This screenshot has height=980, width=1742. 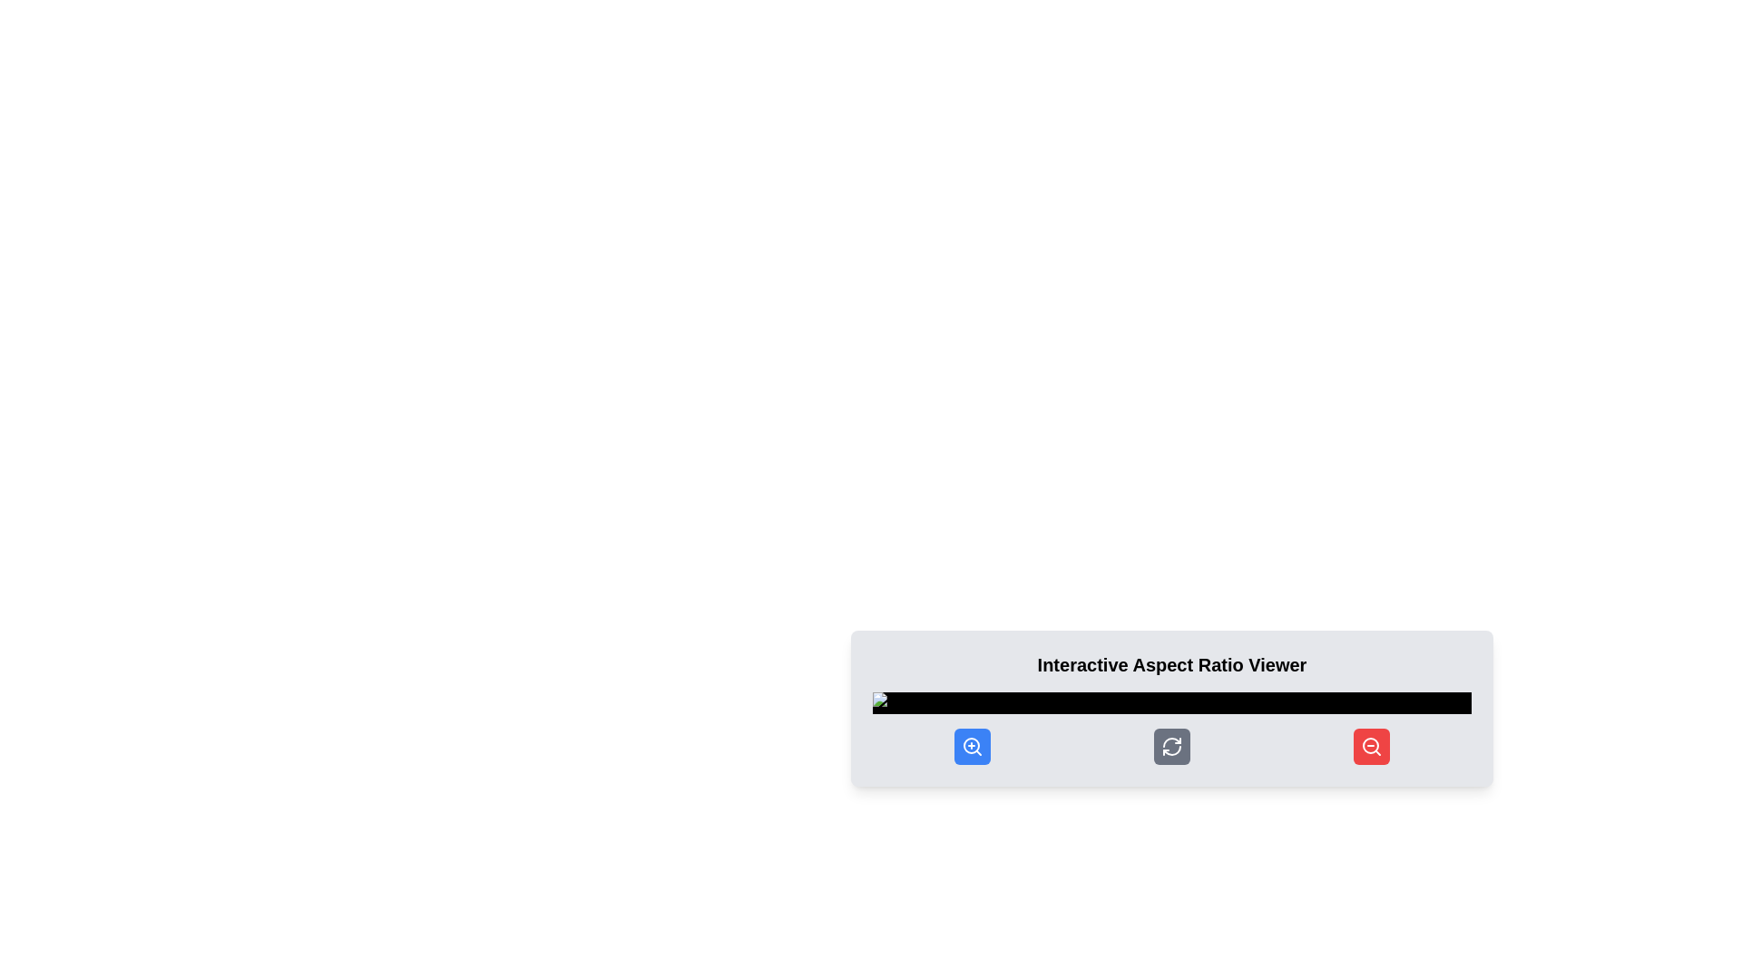 I want to click on the refresh icon styled as circular arrows within the round button located in the central part of the toolbar at the bottom of the interface, so click(x=1171, y=746).